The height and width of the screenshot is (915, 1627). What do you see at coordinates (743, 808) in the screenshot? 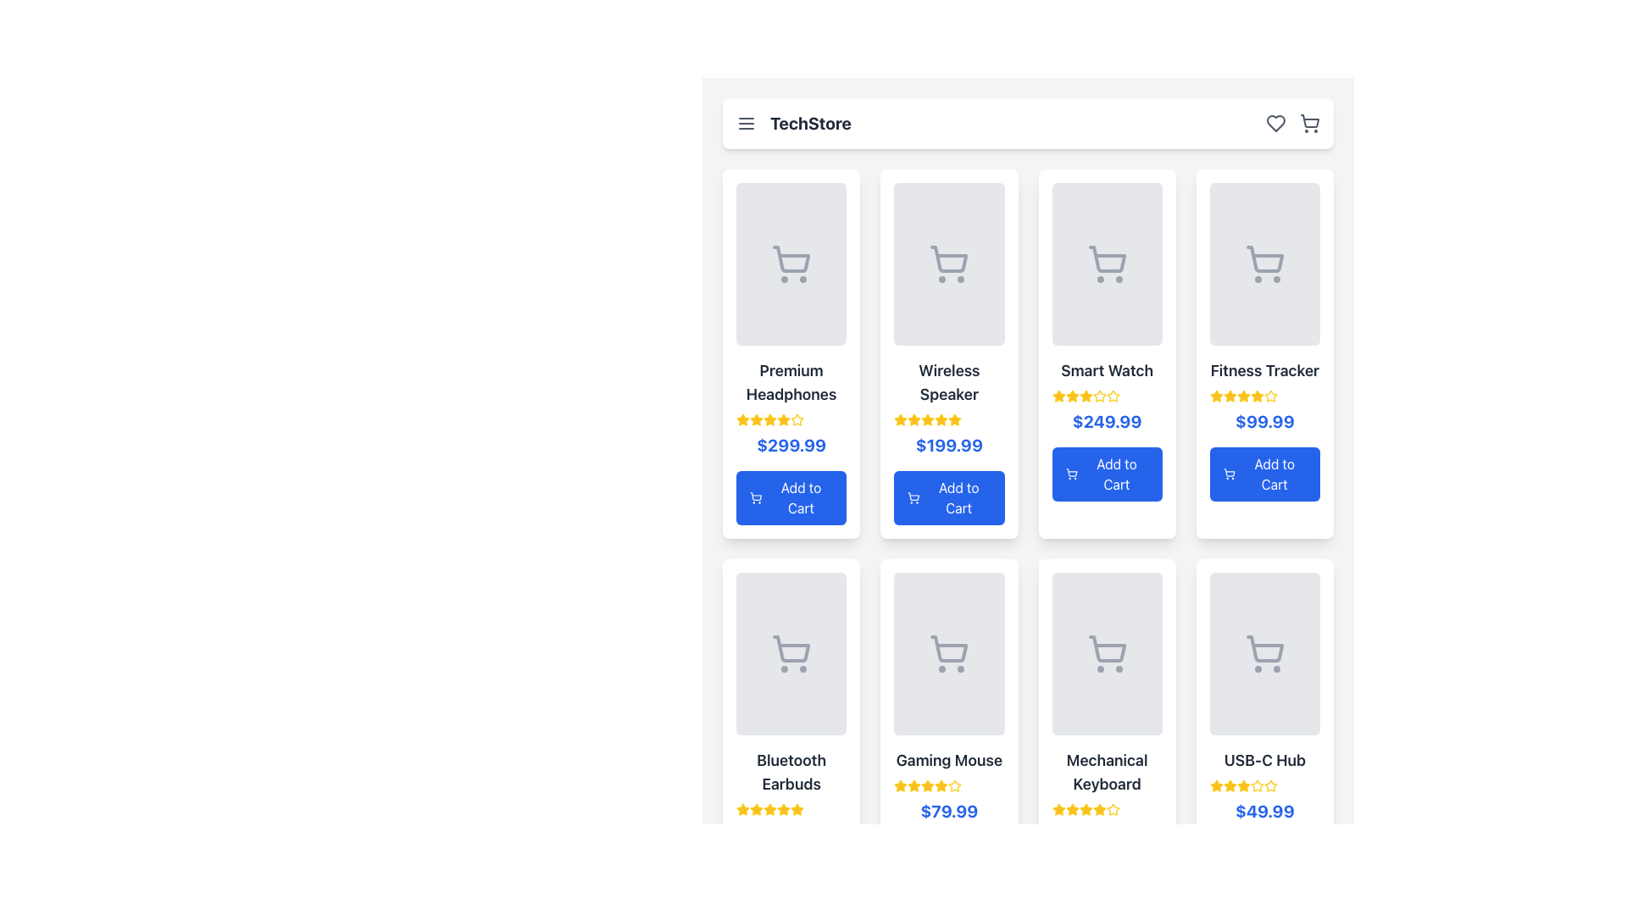
I see `the visual state of the yellow star-shaped icon representing the star rating in the Bluetooth Earbuds card` at bounding box center [743, 808].